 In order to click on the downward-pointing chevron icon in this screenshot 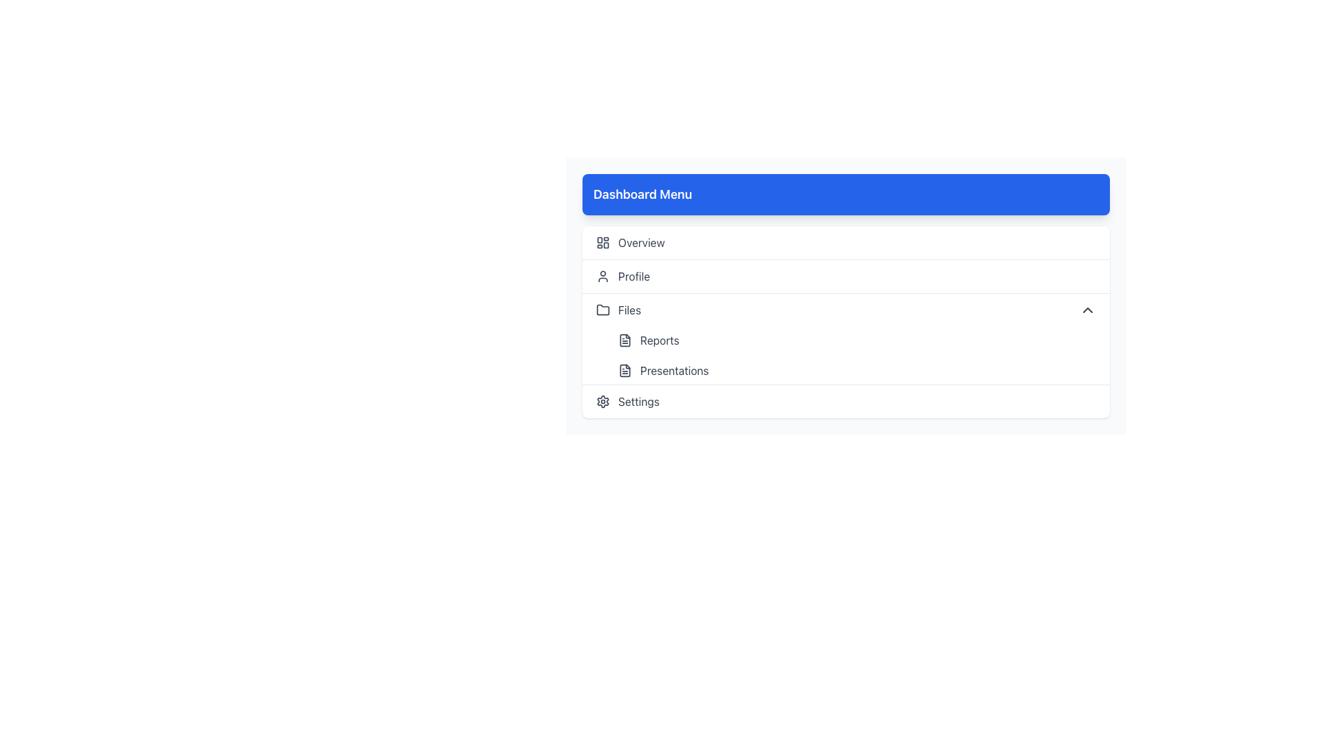, I will do `click(1087, 310)`.